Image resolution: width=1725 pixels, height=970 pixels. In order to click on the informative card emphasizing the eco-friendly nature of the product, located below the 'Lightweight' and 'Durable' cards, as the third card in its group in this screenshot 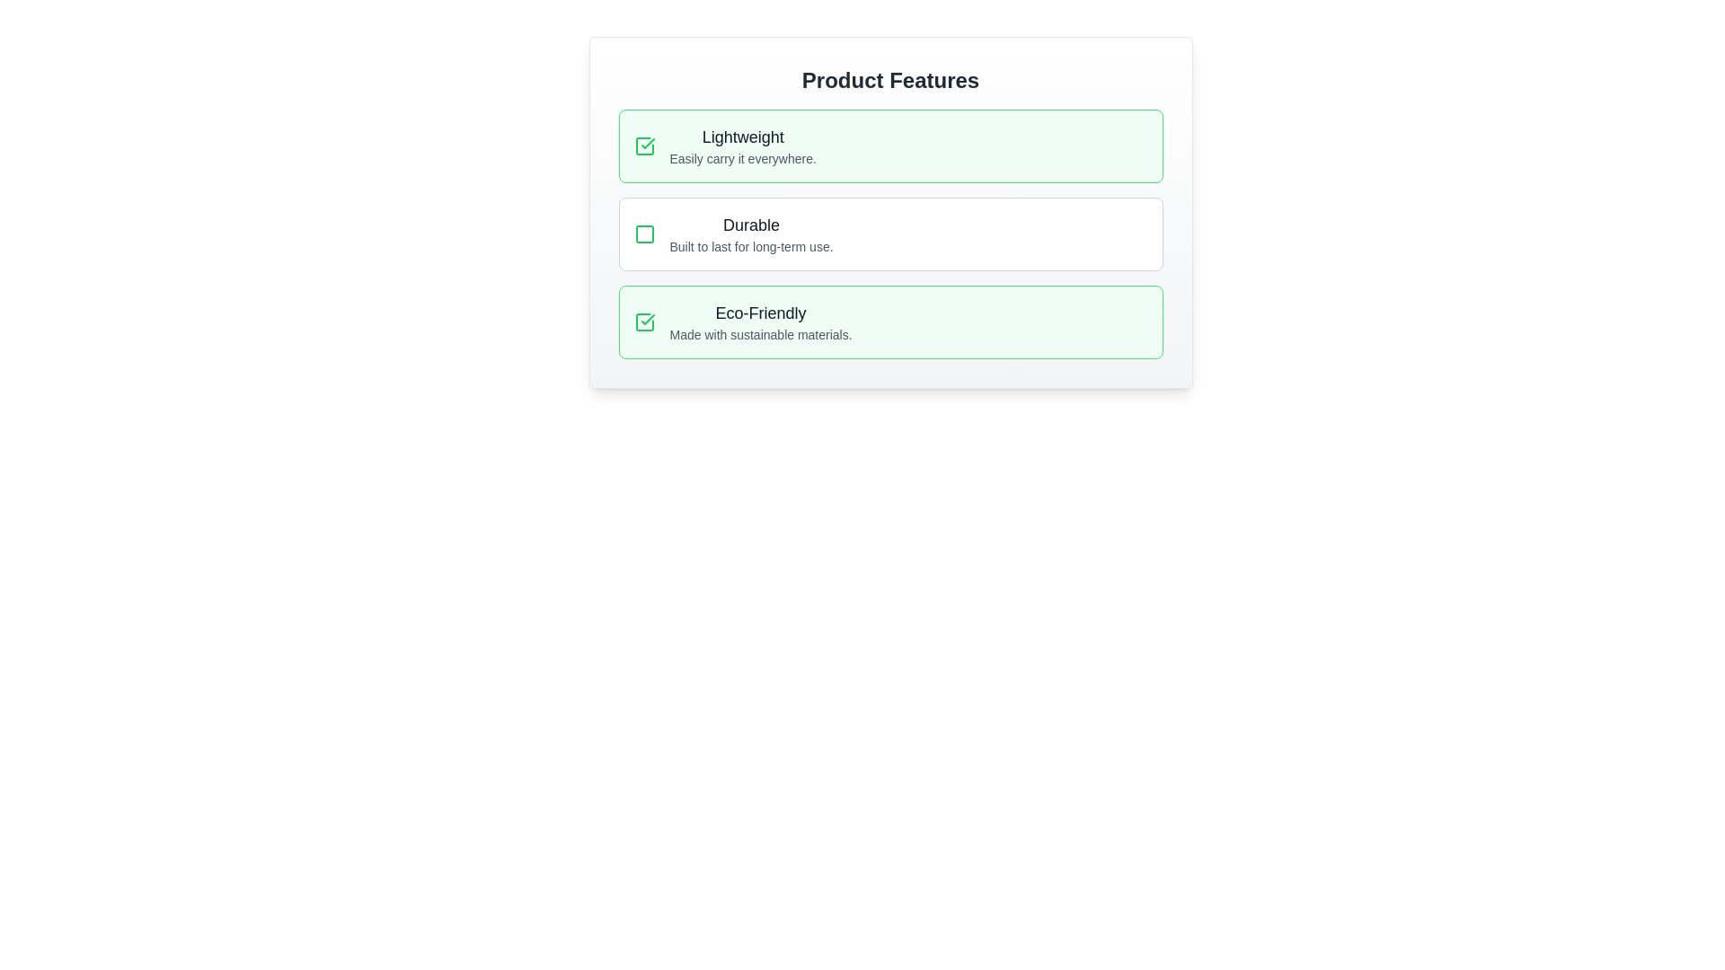, I will do `click(890, 321)`.